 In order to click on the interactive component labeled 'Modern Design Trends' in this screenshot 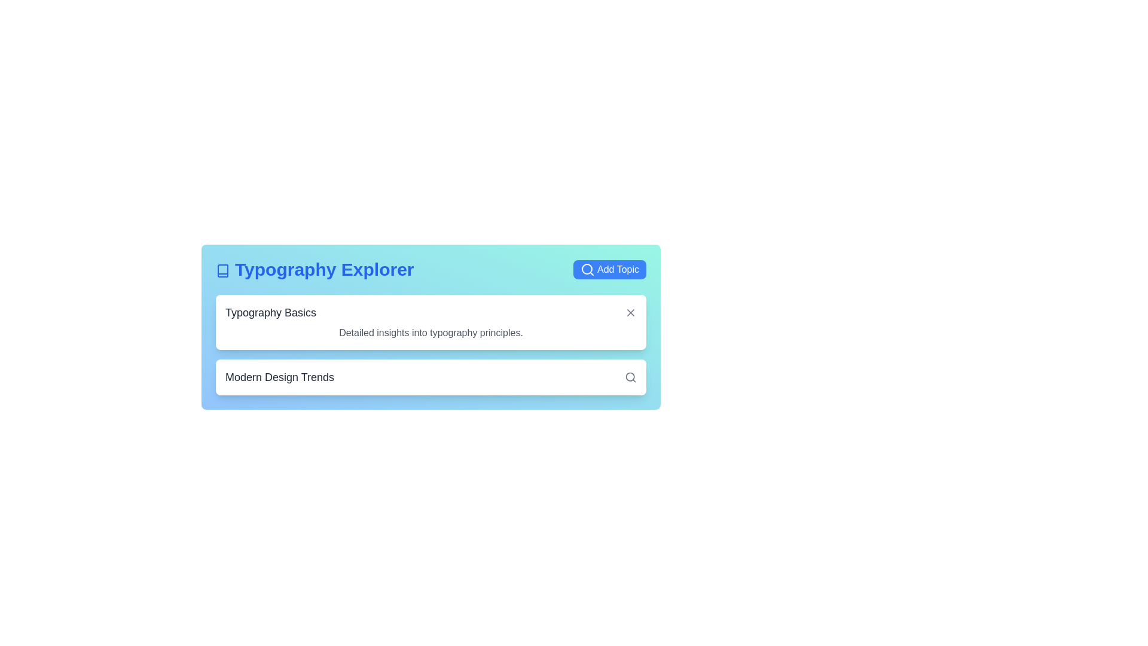, I will do `click(430, 377)`.